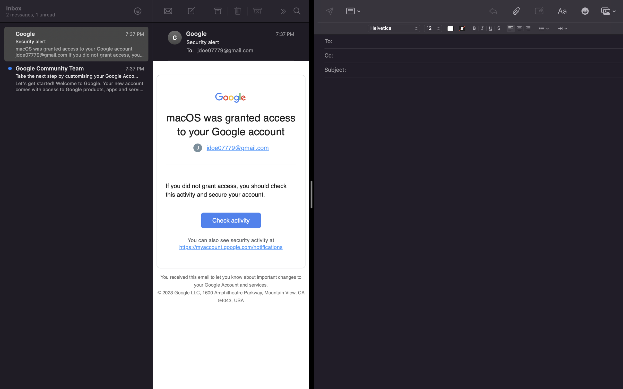  I want to click on Make the font bold and size 14, so click(474, 28).